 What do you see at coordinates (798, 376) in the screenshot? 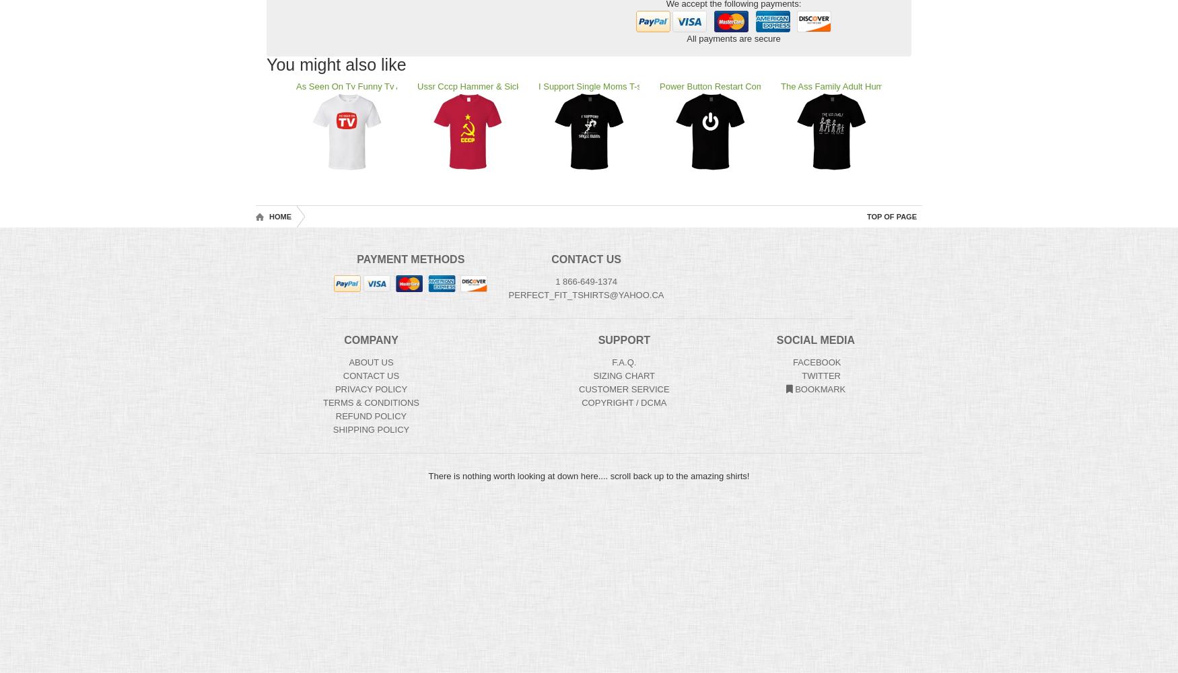
I see `'Twitter'` at bounding box center [798, 376].